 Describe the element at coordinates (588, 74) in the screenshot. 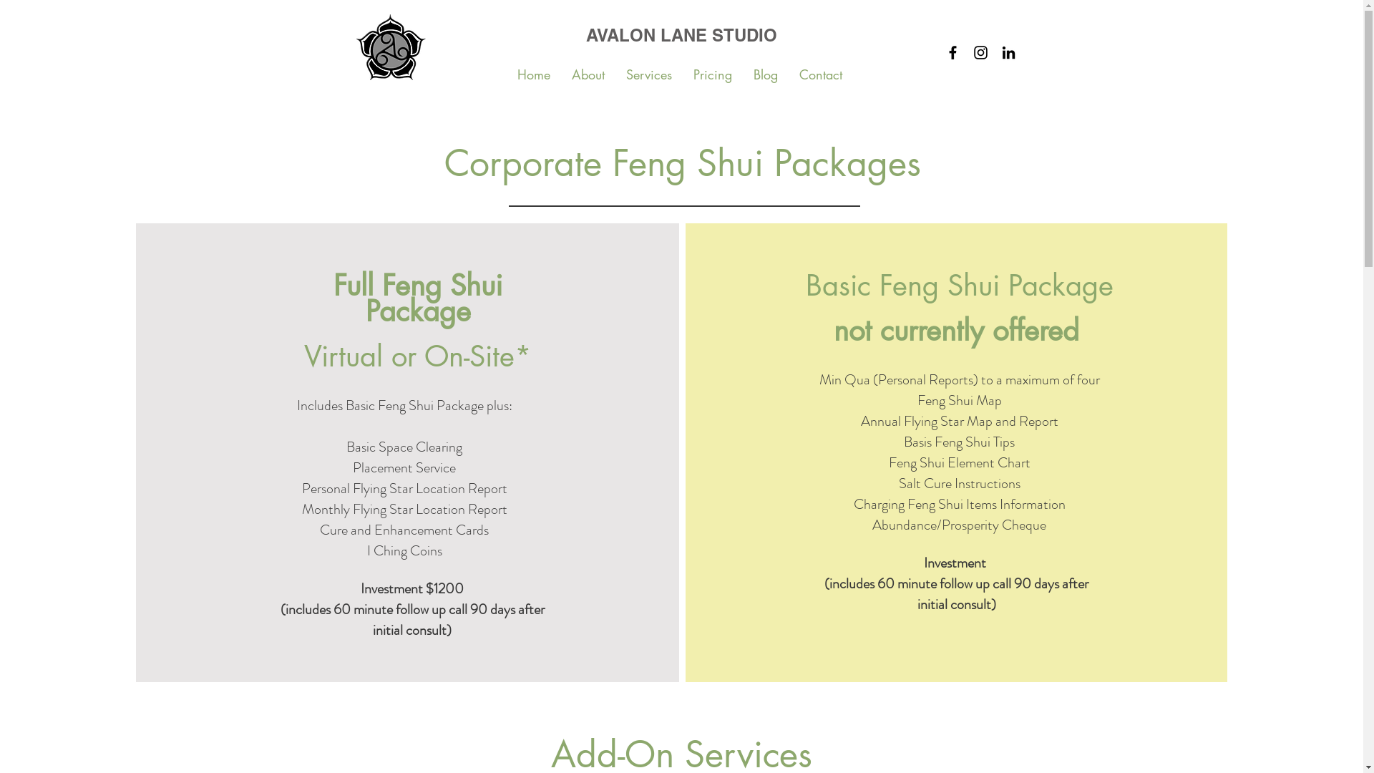

I see `'About'` at that location.